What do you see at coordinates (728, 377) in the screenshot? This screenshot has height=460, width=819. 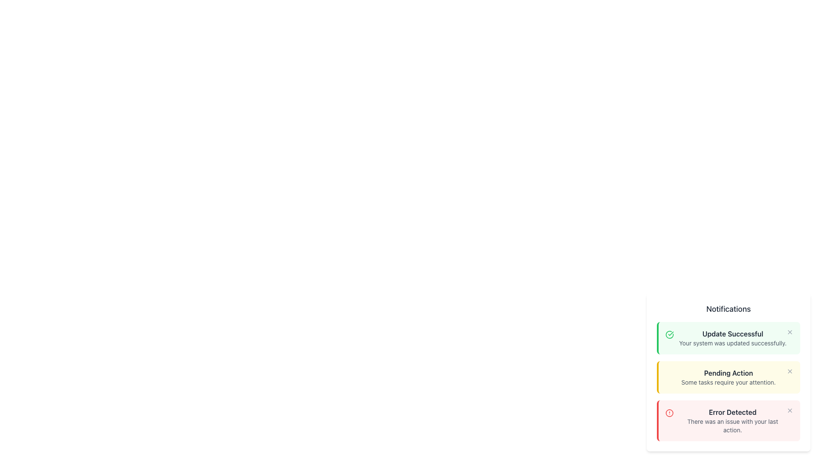 I see `information displayed in the Text Display element that follows 'Update Successful' and precedes 'Error Detected' in the notification panel` at bounding box center [728, 377].